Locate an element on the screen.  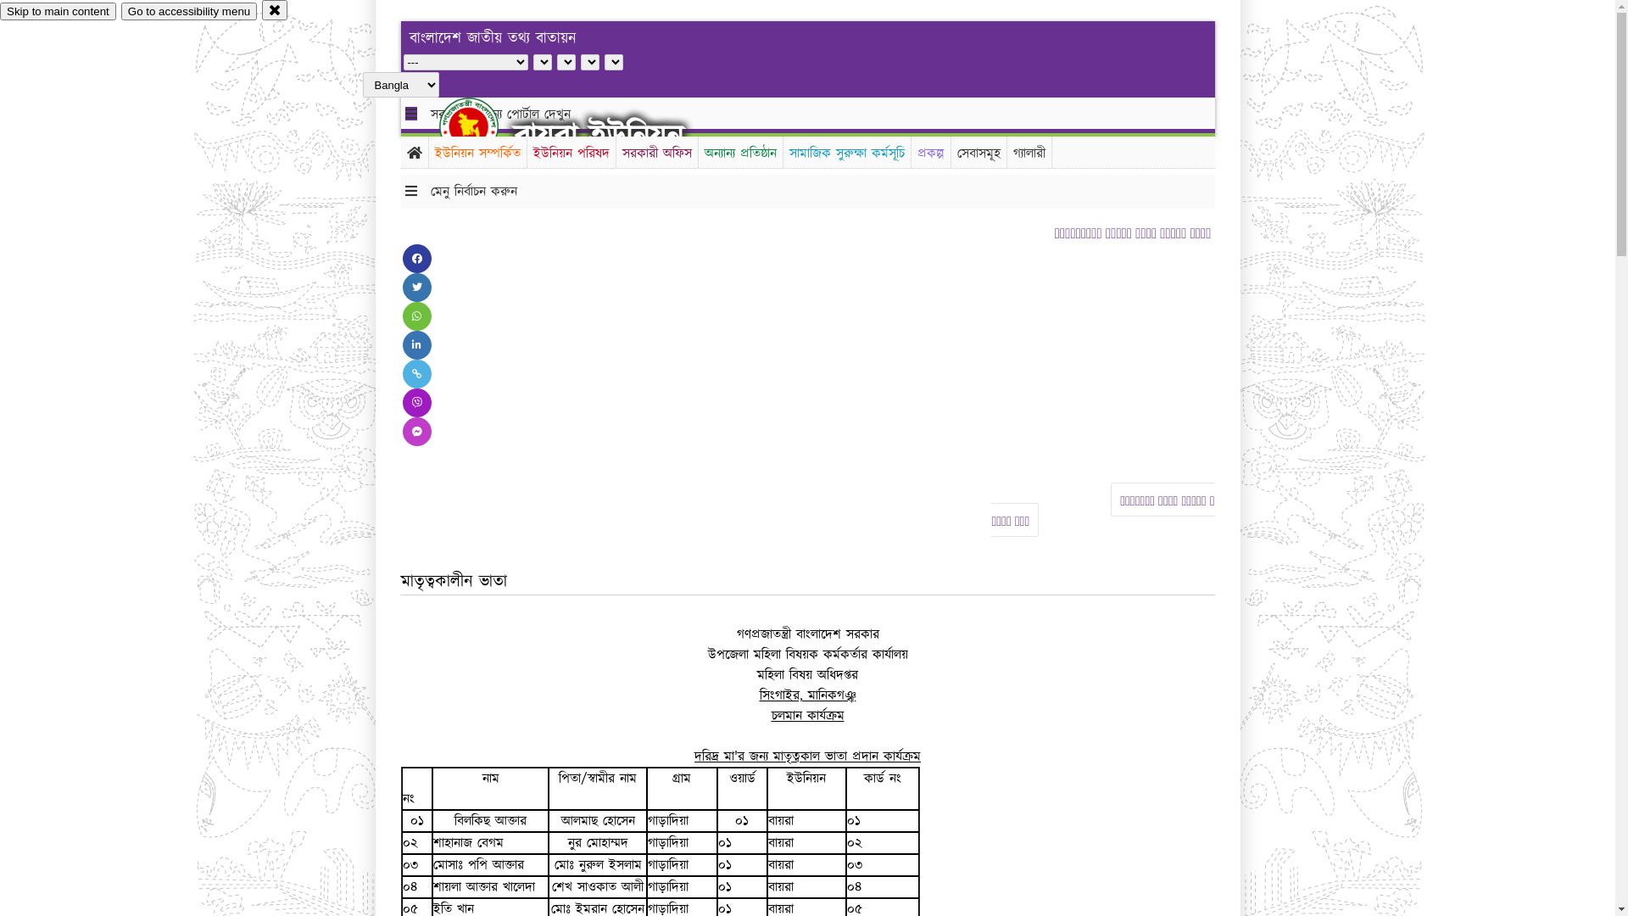
'close' is located at coordinates (275, 9).